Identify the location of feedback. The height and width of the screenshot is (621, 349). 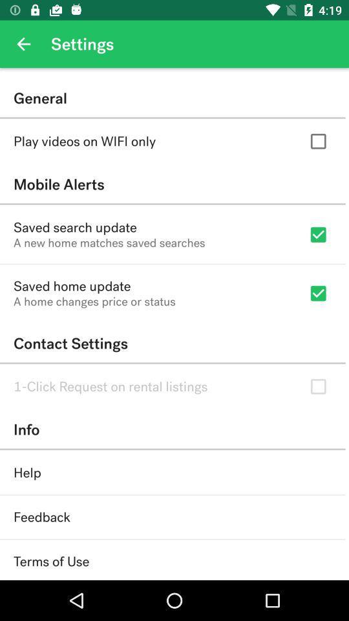
(41, 517).